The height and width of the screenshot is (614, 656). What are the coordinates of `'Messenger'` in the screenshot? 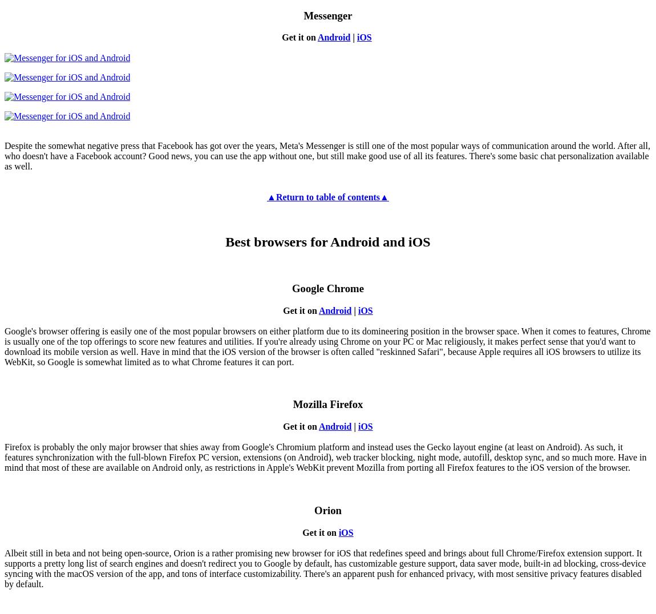 It's located at (327, 14).